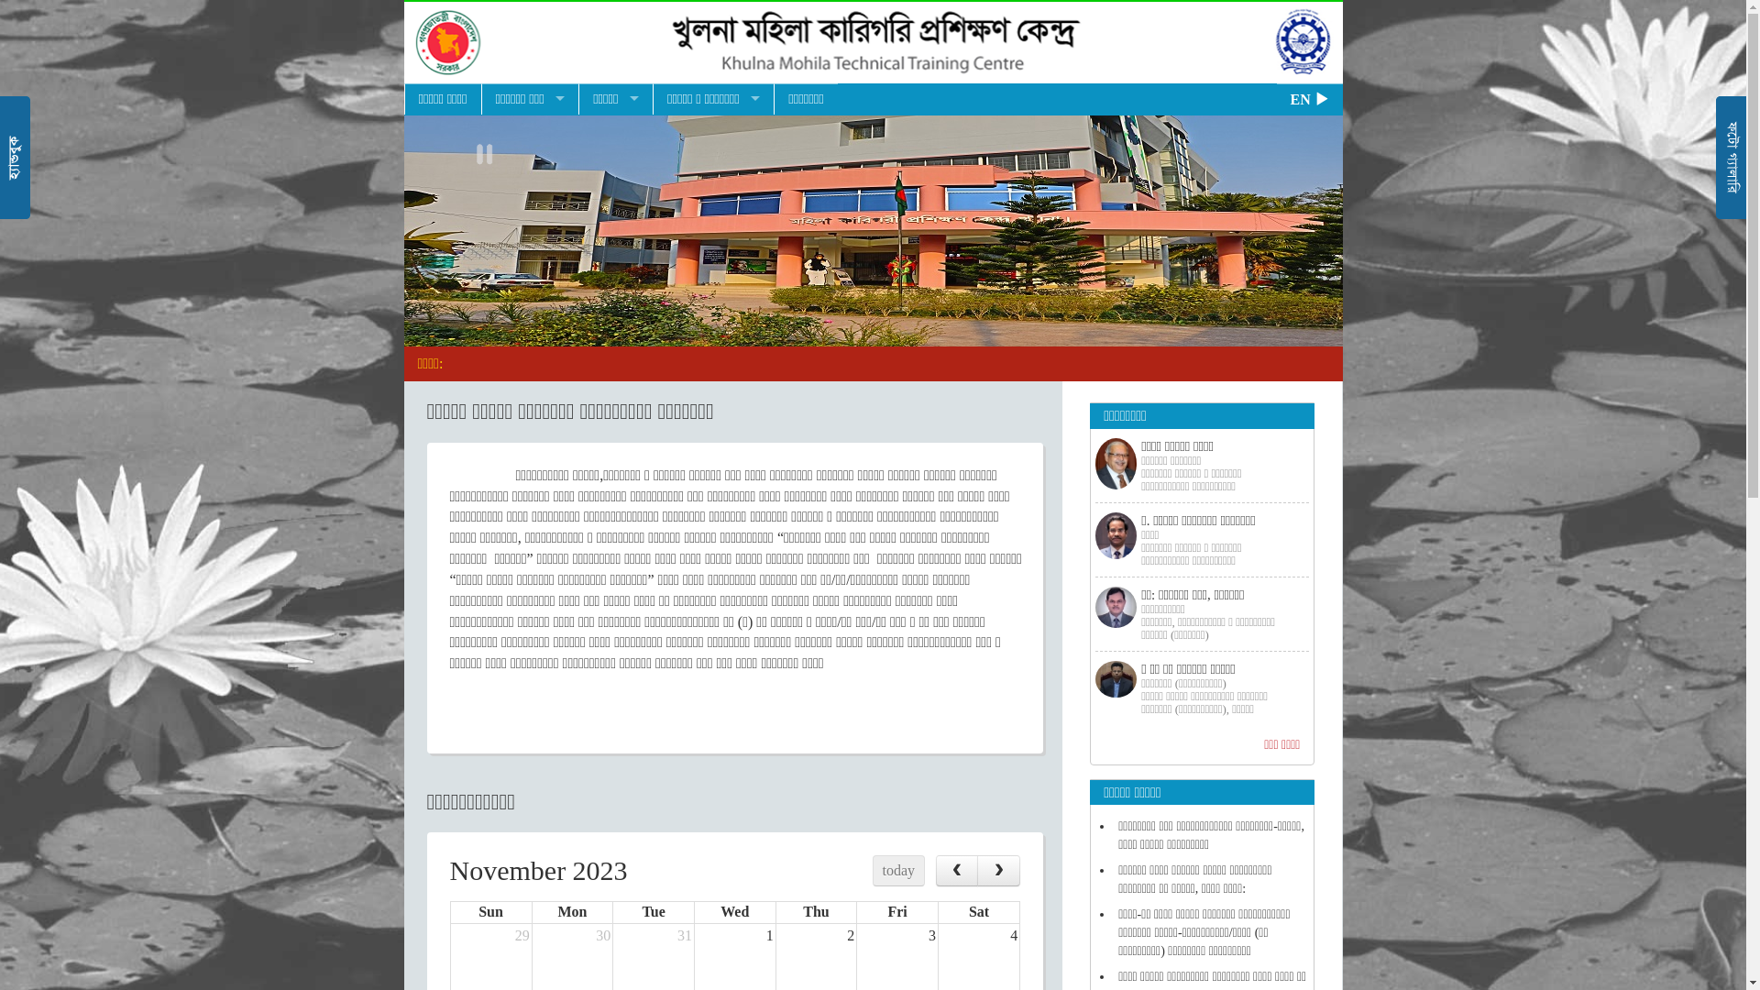 This screenshot has width=1760, height=990. I want to click on 'today', so click(898, 869).